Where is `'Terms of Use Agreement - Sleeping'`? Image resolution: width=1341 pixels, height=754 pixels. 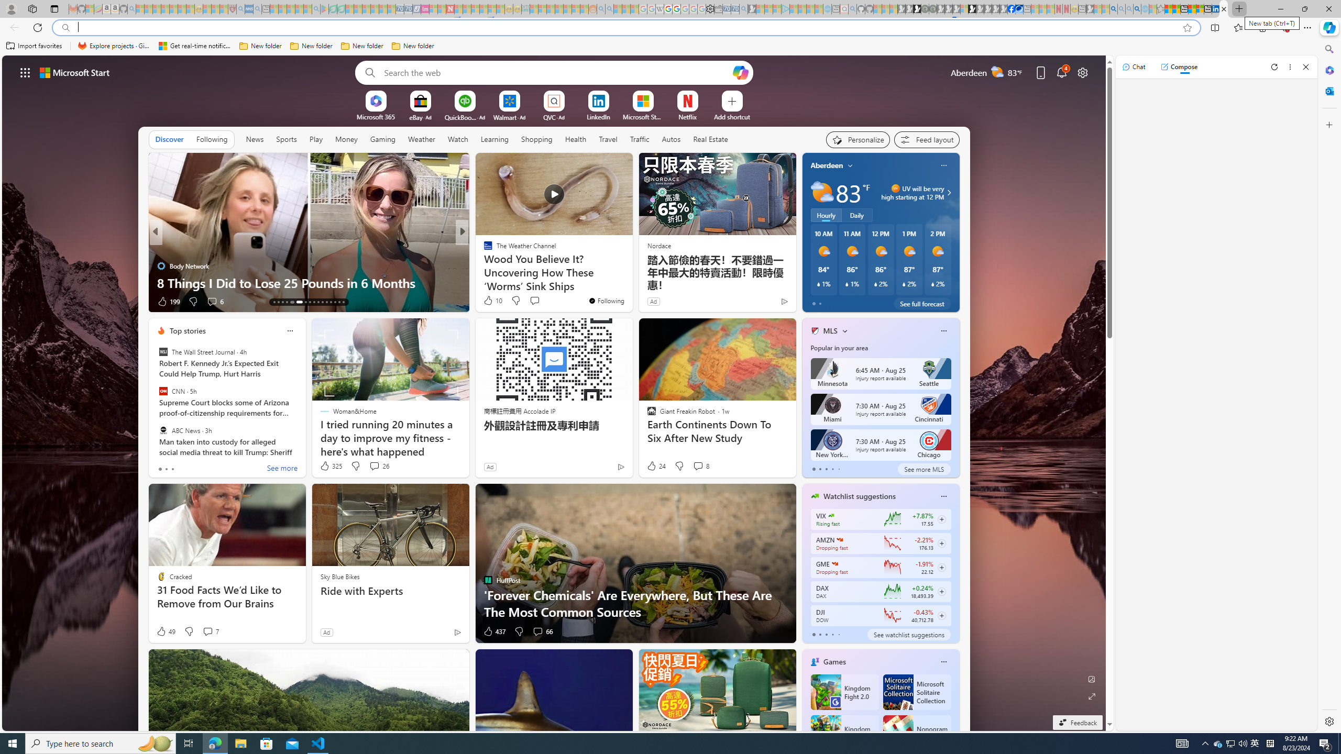 'Terms of Use Agreement - Sleeping' is located at coordinates (333, 8).